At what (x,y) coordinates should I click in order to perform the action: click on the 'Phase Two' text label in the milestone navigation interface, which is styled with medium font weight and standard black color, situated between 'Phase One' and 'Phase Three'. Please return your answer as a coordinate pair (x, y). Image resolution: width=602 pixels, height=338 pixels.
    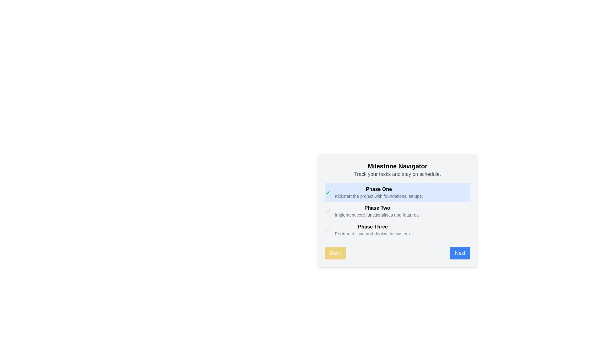
    Looking at the image, I should click on (377, 208).